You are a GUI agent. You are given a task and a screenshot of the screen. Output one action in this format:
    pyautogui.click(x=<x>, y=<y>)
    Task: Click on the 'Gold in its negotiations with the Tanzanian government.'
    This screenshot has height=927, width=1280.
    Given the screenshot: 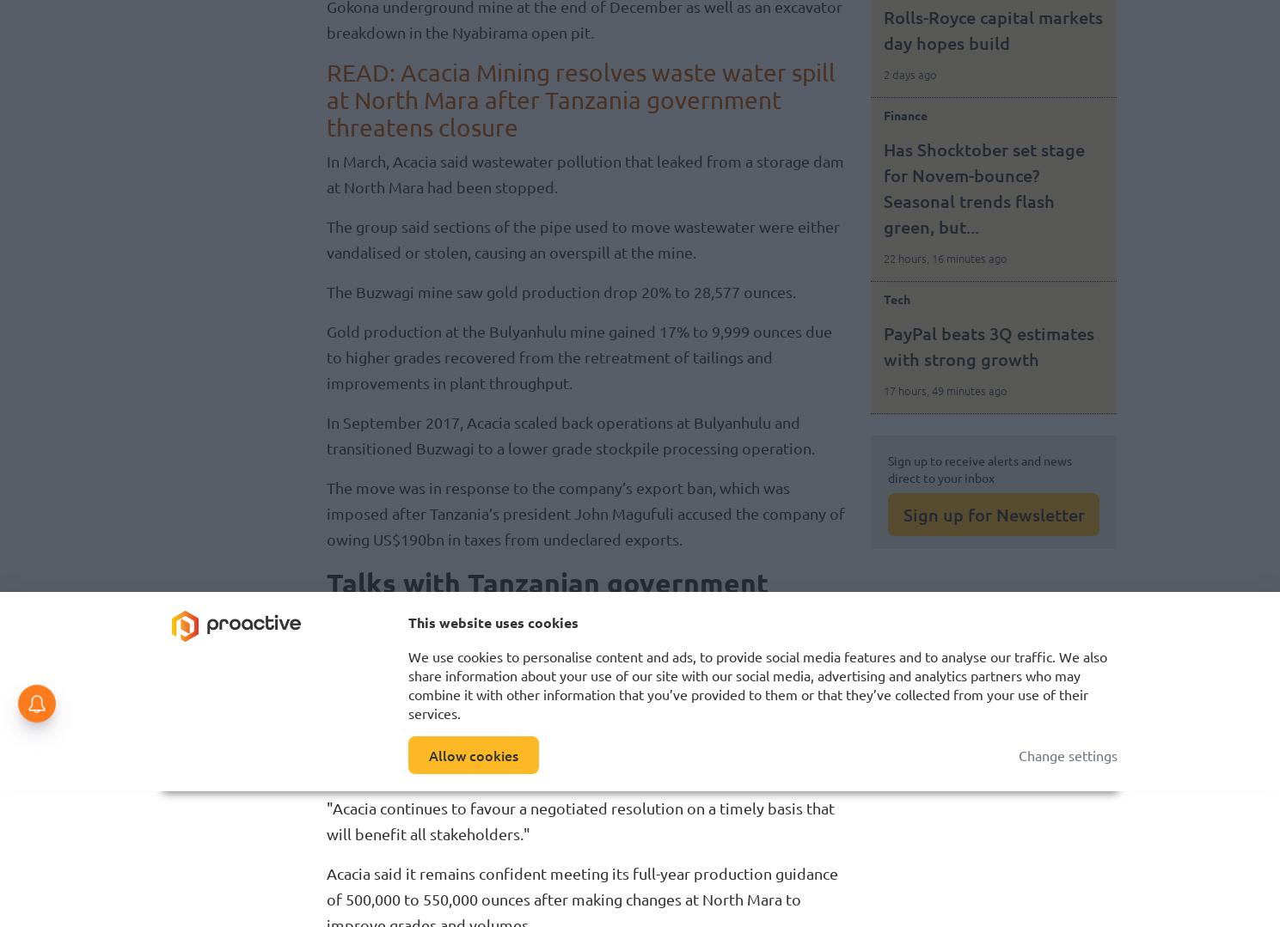 What is the action you would take?
    pyautogui.click(x=636, y=676)
    